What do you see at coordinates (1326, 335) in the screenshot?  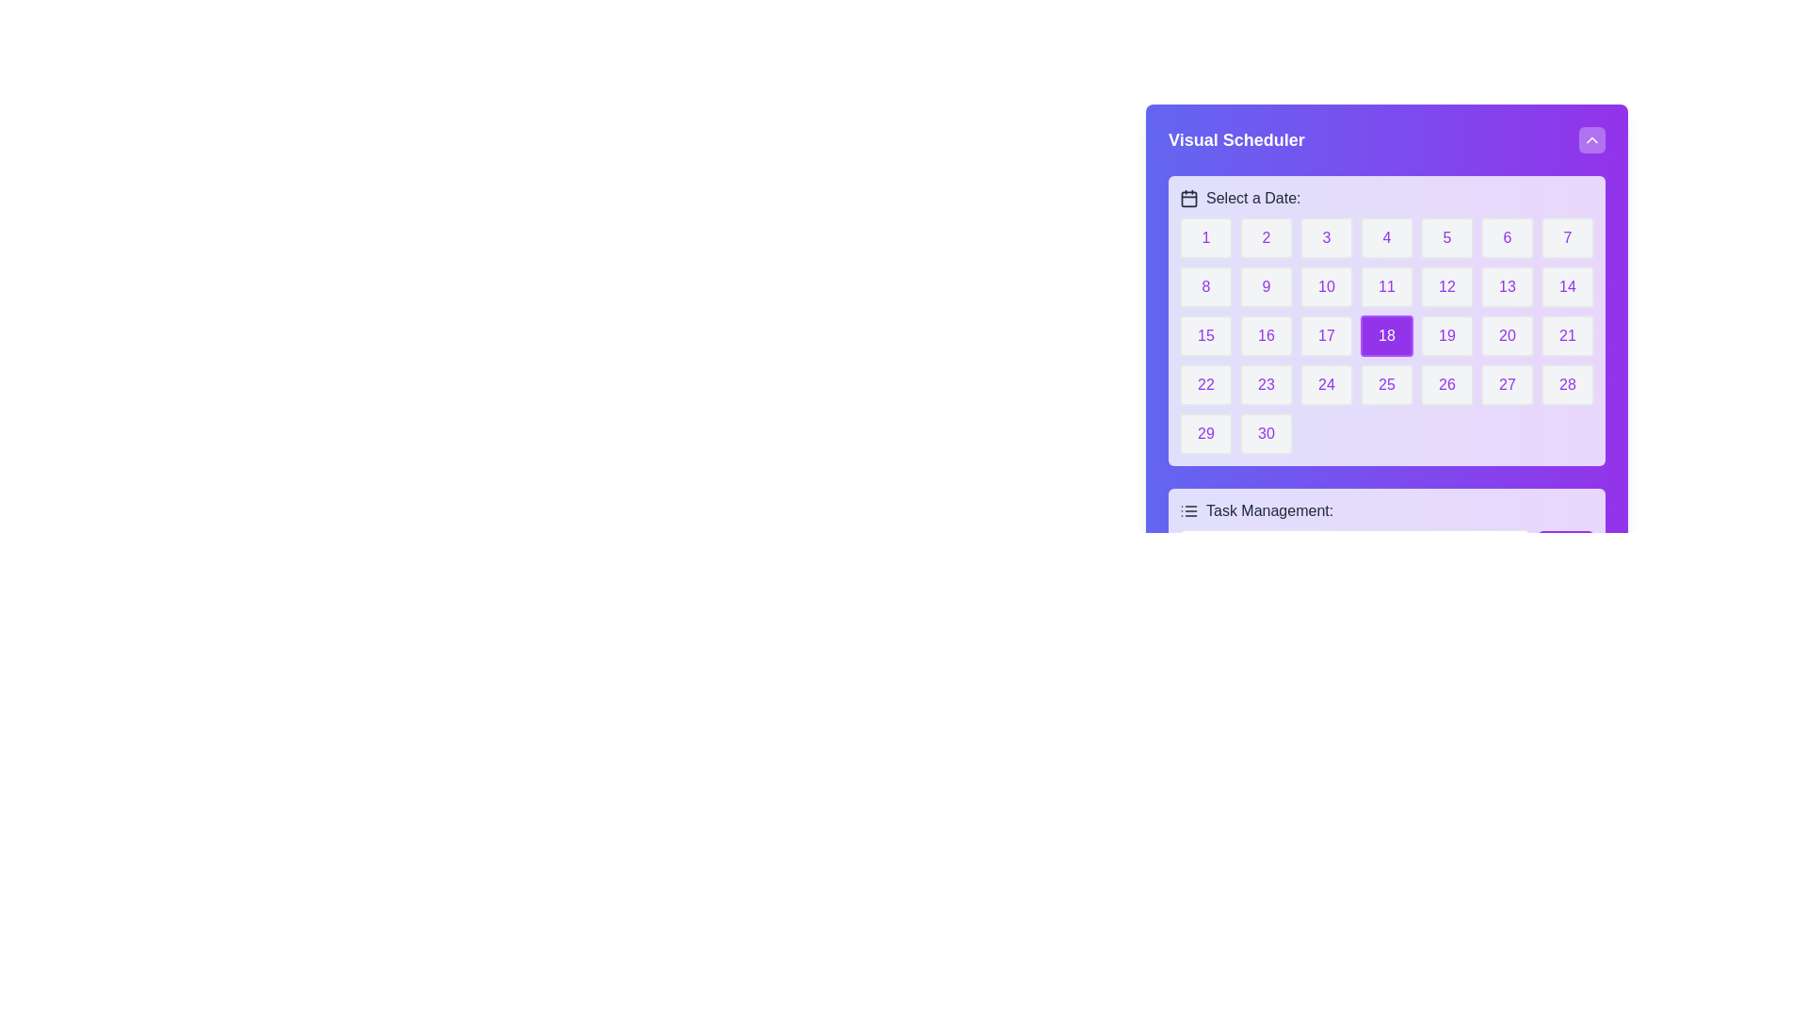 I see `the button labeled '17', which is a rectangular button with rounded corners, light gray background, and purple text, located` at bounding box center [1326, 335].